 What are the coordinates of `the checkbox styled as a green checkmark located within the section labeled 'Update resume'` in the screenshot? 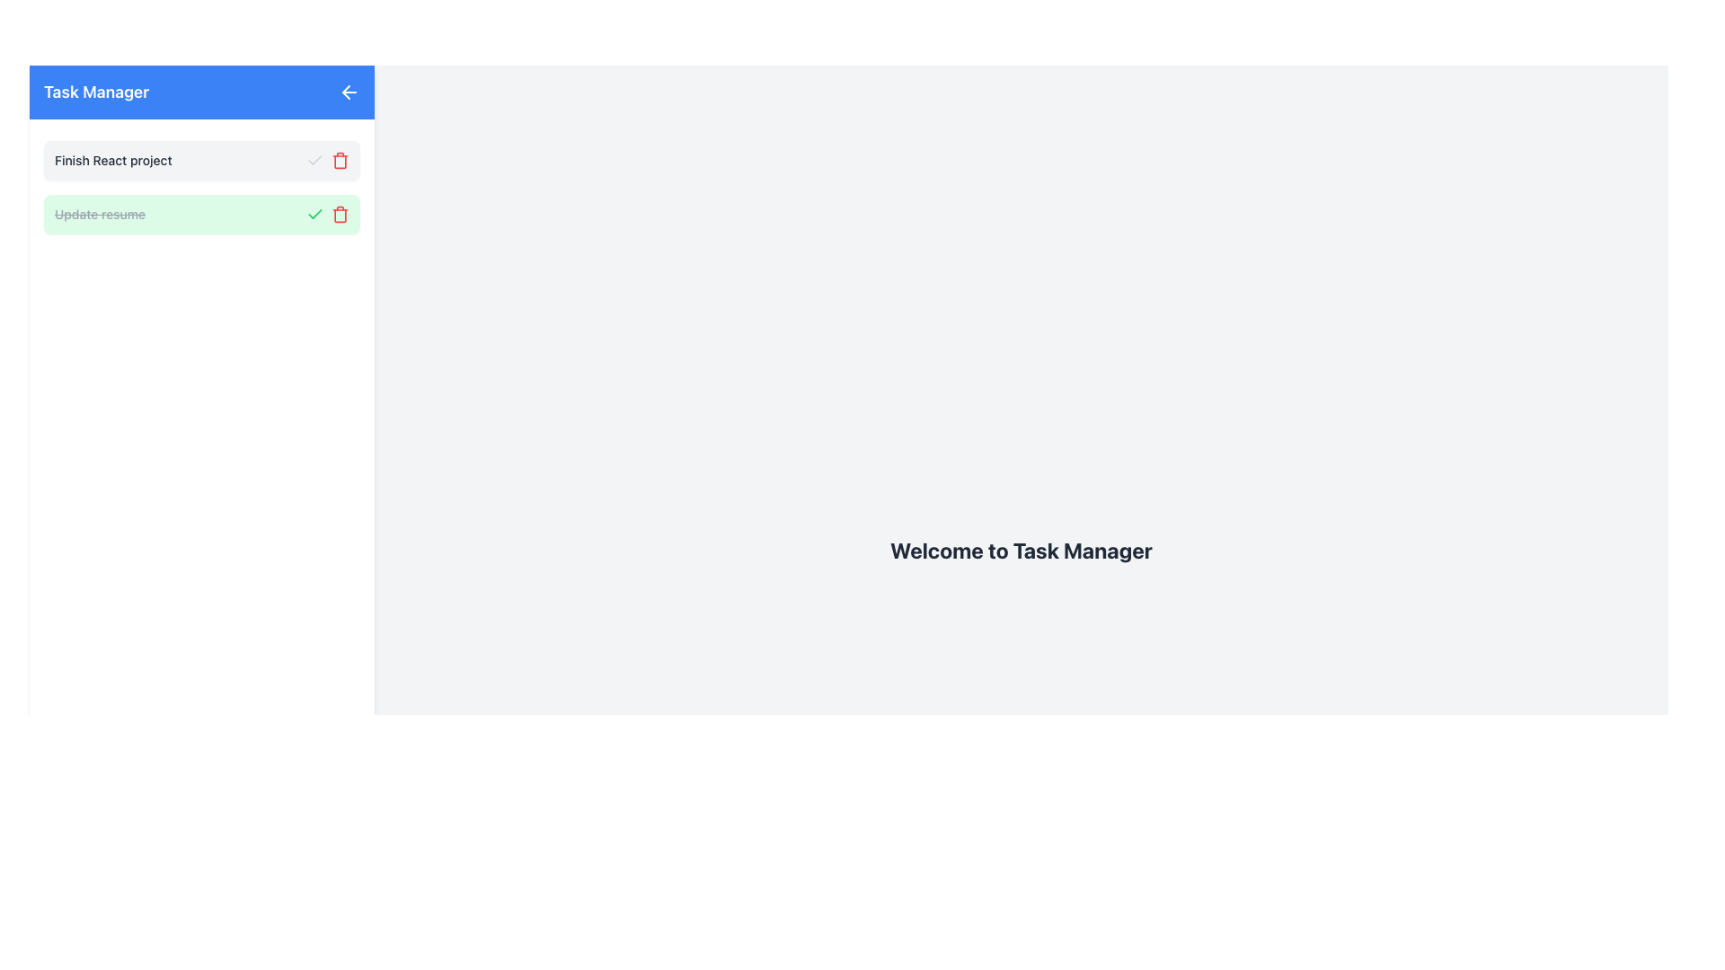 It's located at (314, 214).